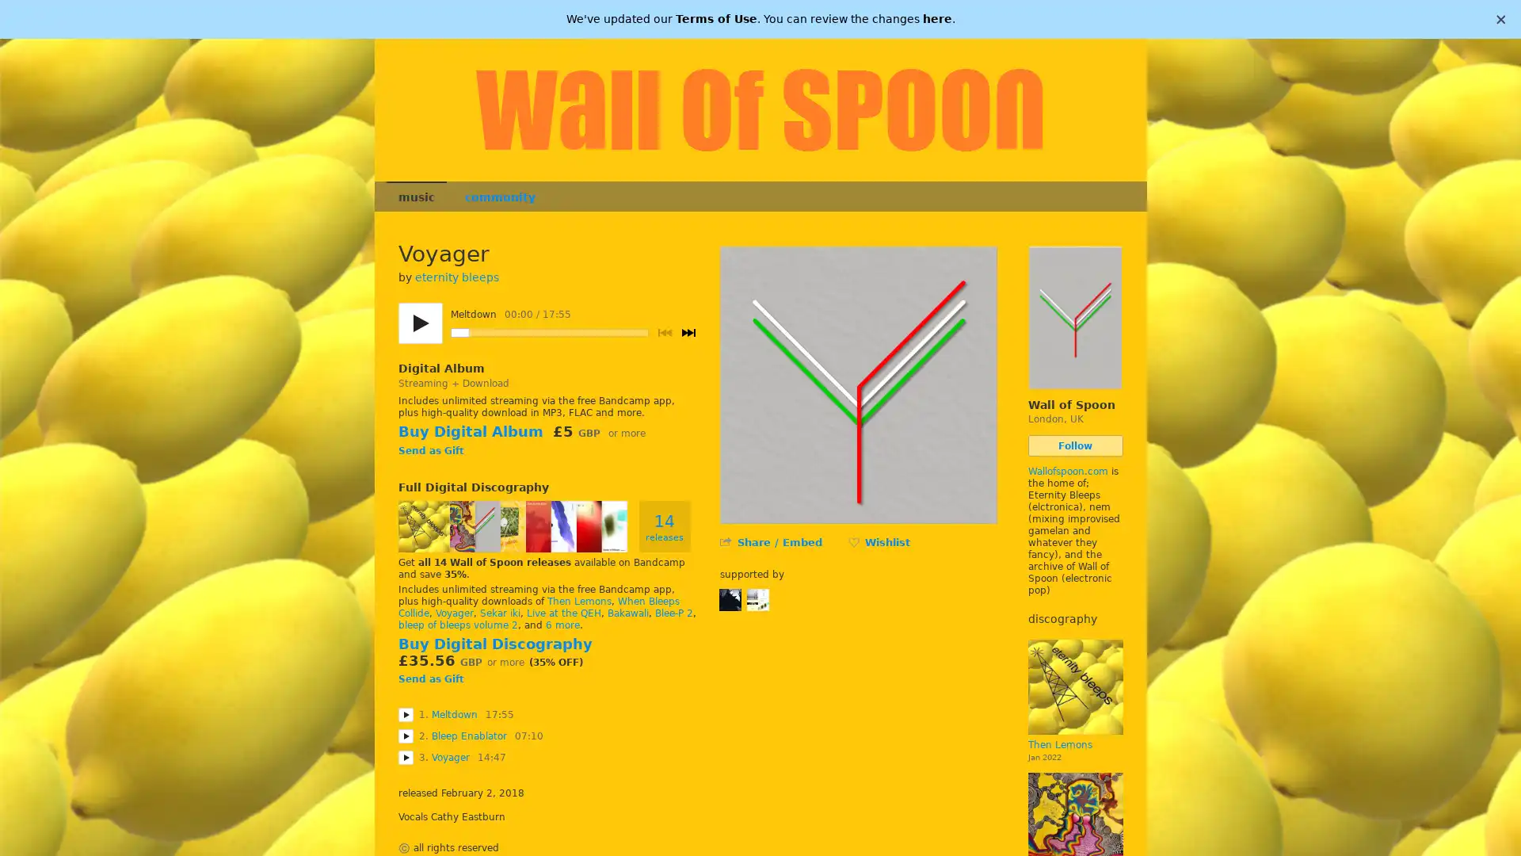 The height and width of the screenshot is (856, 1521). What do you see at coordinates (405, 756) in the screenshot?
I see `Play Voyager` at bounding box center [405, 756].